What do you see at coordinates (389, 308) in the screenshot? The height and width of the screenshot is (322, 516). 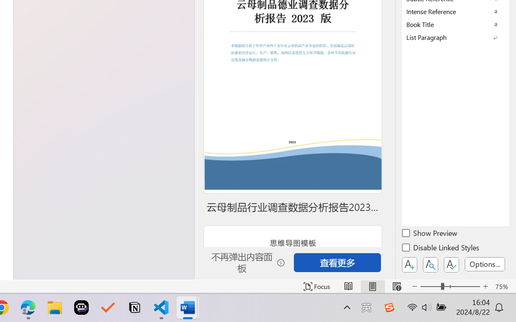 I see `'Class: Image'` at bounding box center [389, 308].